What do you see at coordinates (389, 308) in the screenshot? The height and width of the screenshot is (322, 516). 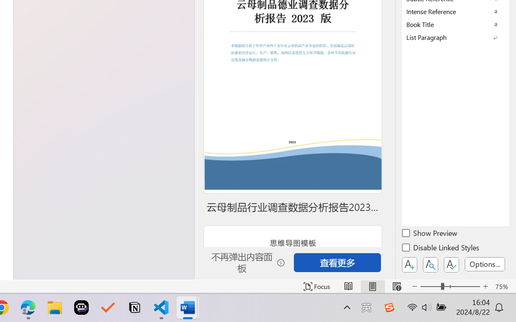 I see `'Class: Image'` at bounding box center [389, 308].